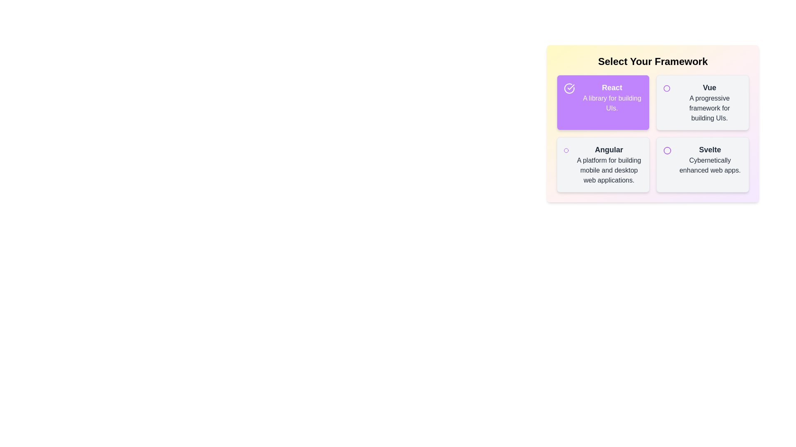  What do you see at coordinates (702, 102) in the screenshot?
I see `the item labeled Vue to observe its hover effect` at bounding box center [702, 102].